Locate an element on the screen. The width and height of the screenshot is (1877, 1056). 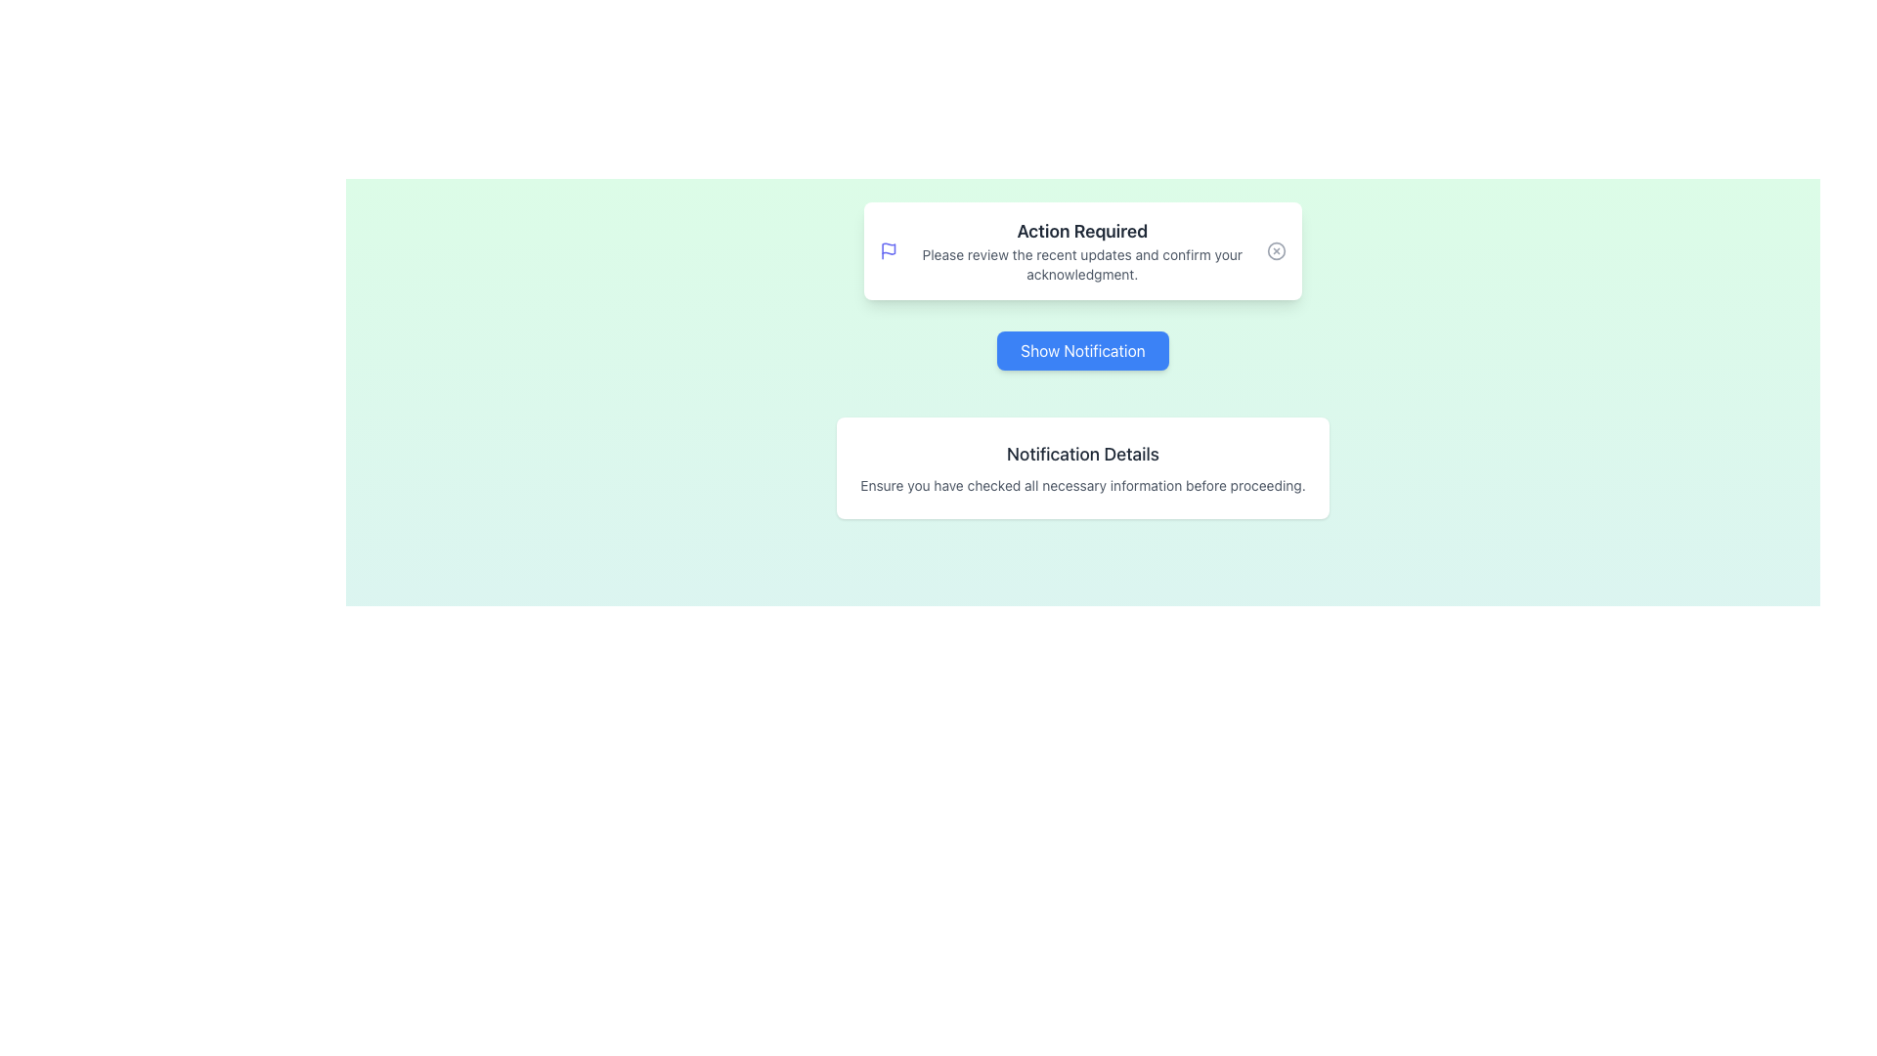
the flag icon located at the top-left corner of the notification card labeled 'Action Required', which indicates an urgent state is located at coordinates (888, 247).